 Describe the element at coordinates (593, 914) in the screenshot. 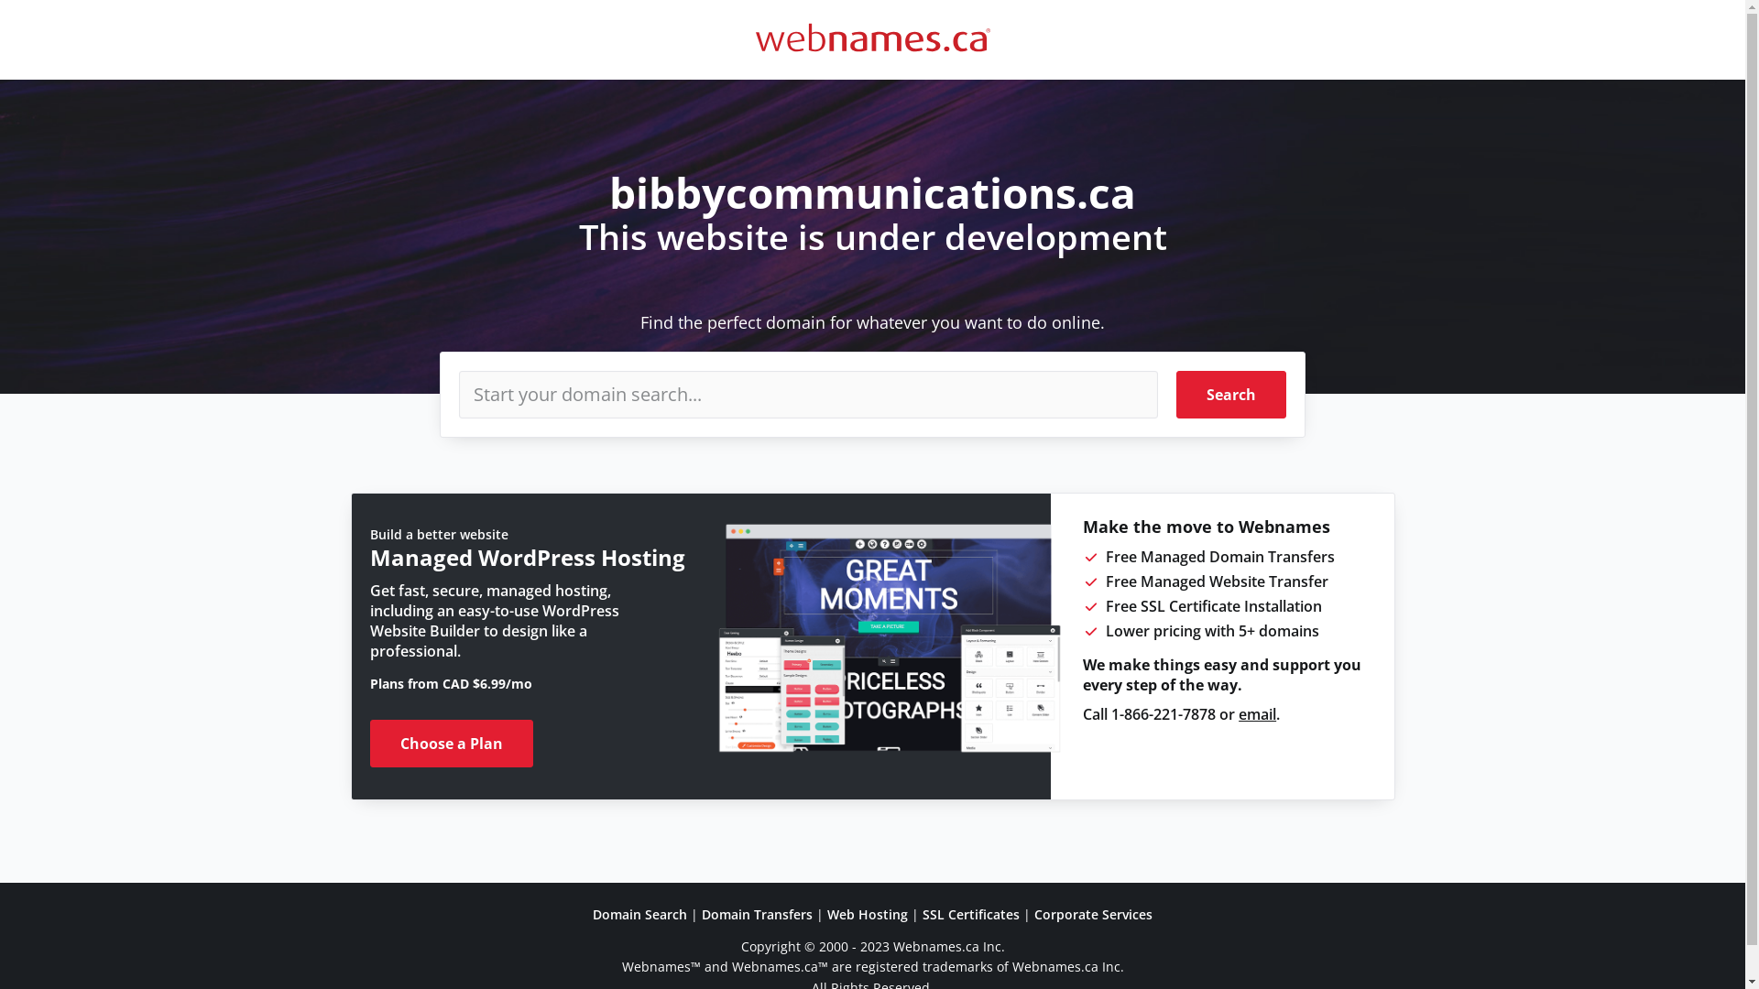

I see `'Domain Search'` at that location.